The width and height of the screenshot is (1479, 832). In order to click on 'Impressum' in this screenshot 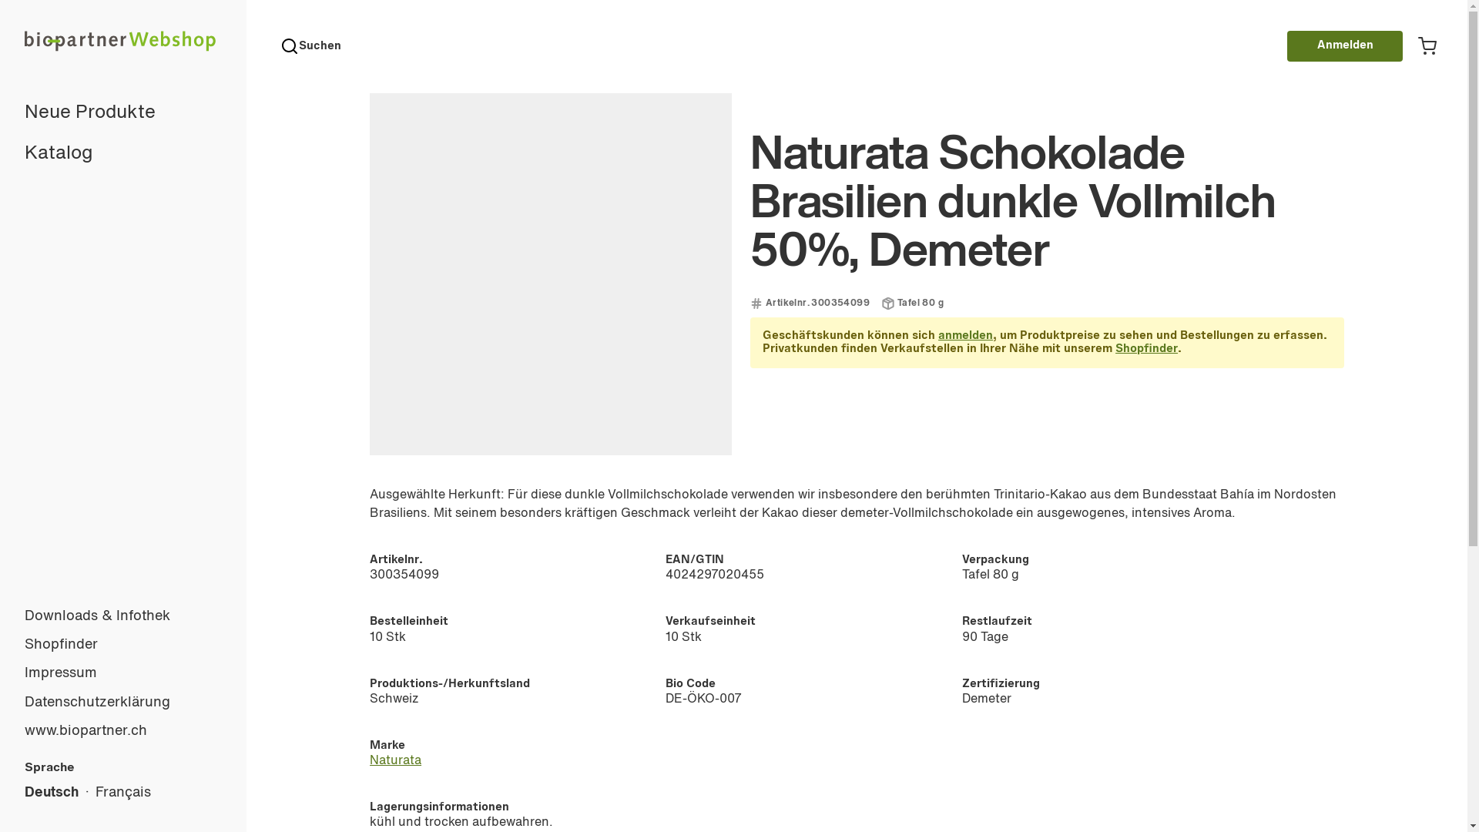, I will do `click(0, 673)`.